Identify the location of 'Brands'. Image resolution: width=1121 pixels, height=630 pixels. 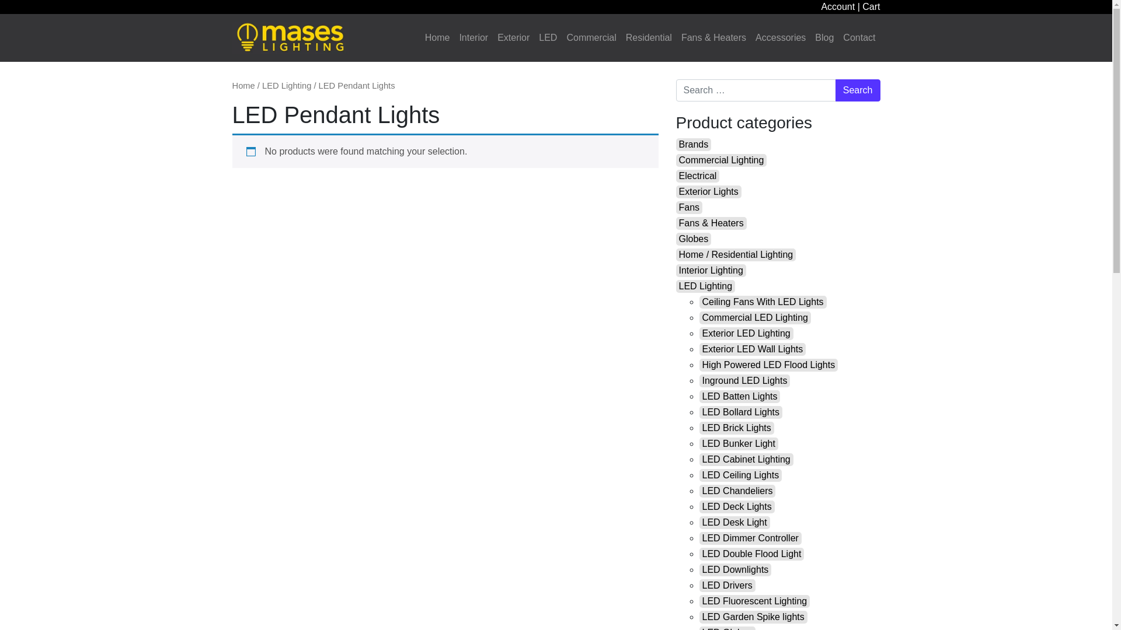
(694, 143).